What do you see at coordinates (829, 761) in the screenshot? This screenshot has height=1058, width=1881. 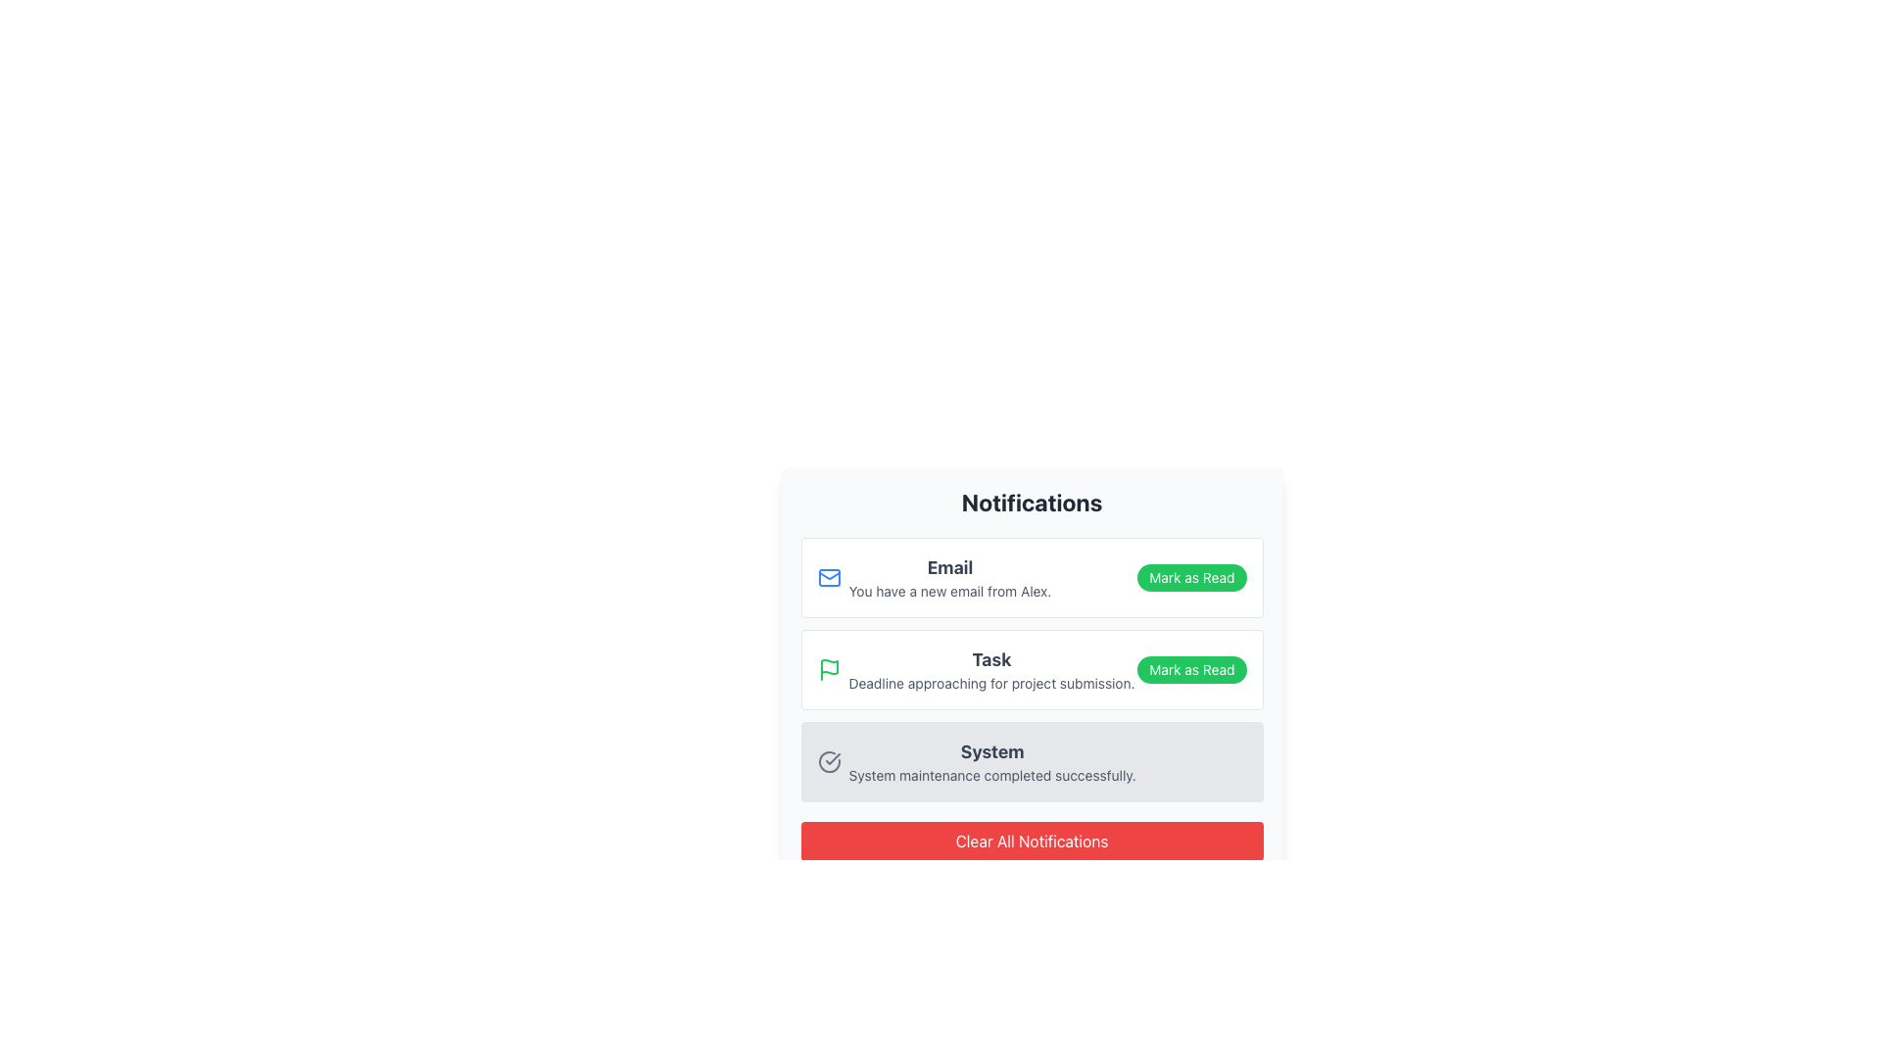 I see `the circular icon with a checkmark inside, which indicates success, located to the left of the notification text stating 'System maintenance completed successfully.'` at bounding box center [829, 761].